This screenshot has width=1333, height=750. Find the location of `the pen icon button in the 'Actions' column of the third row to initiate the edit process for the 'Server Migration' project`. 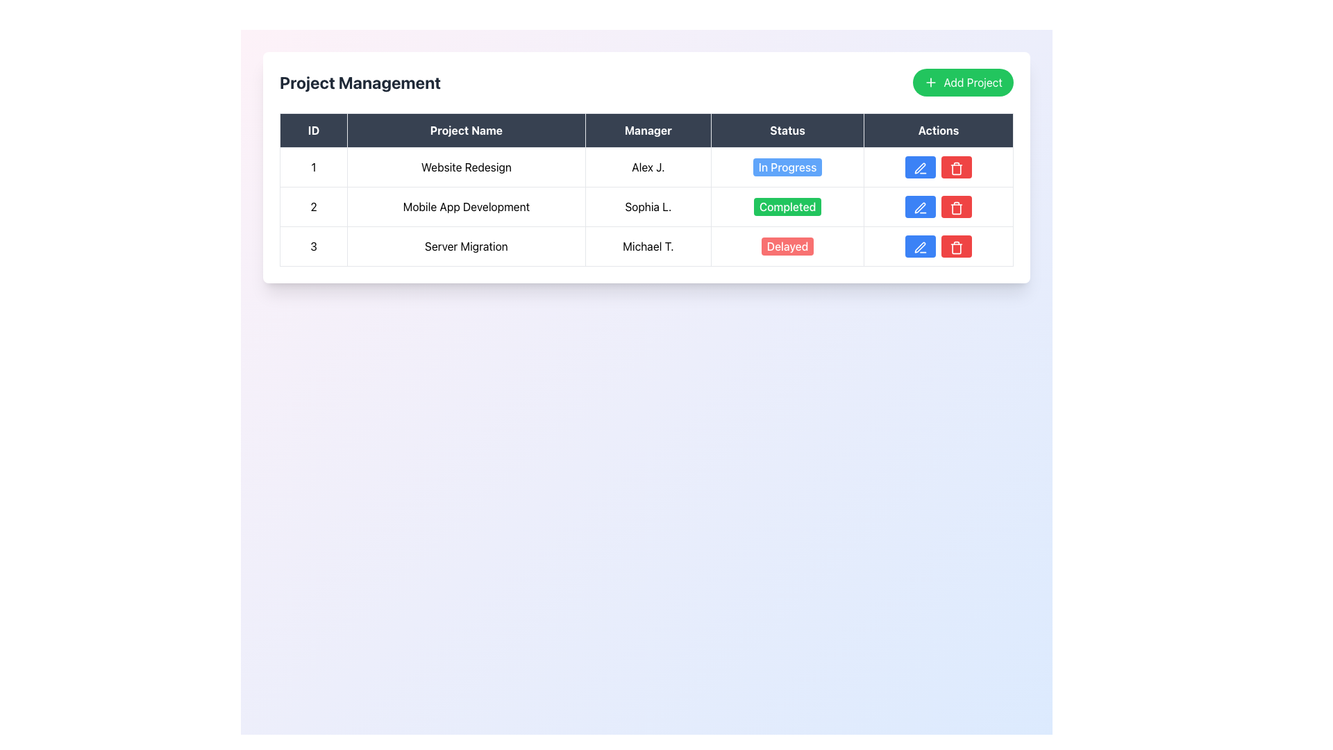

the pen icon button in the 'Actions' column of the third row to initiate the edit process for the 'Server Migration' project is located at coordinates (920, 247).